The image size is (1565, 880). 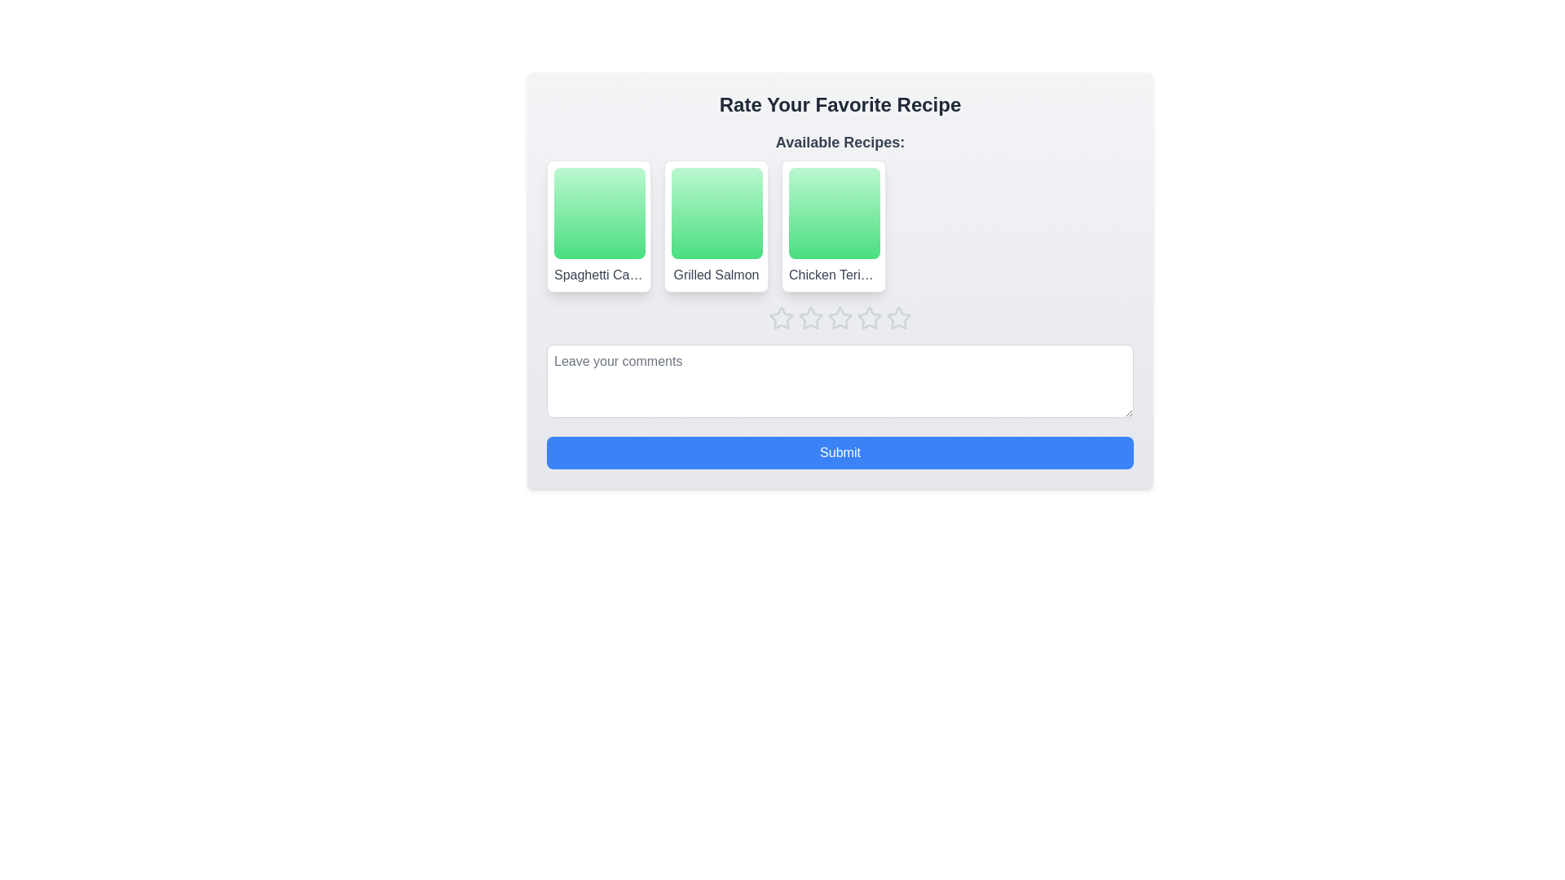 What do you see at coordinates (810, 318) in the screenshot?
I see `keyboard navigation` at bounding box center [810, 318].